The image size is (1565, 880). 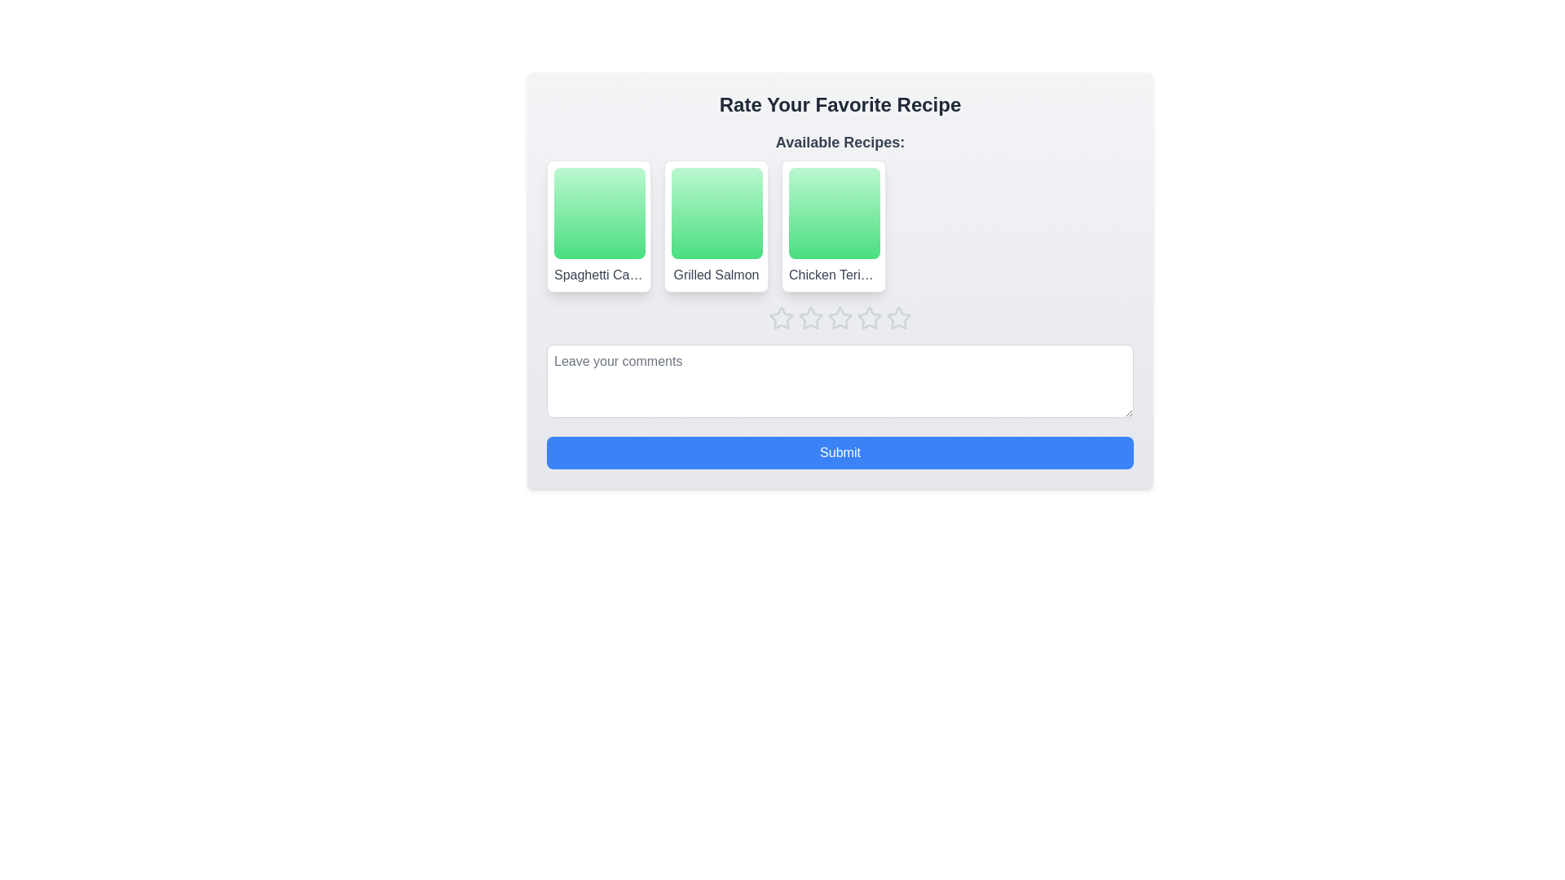 What do you see at coordinates (810, 318) in the screenshot?
I see `keyboard navigation` at bounding box center [810, 318].